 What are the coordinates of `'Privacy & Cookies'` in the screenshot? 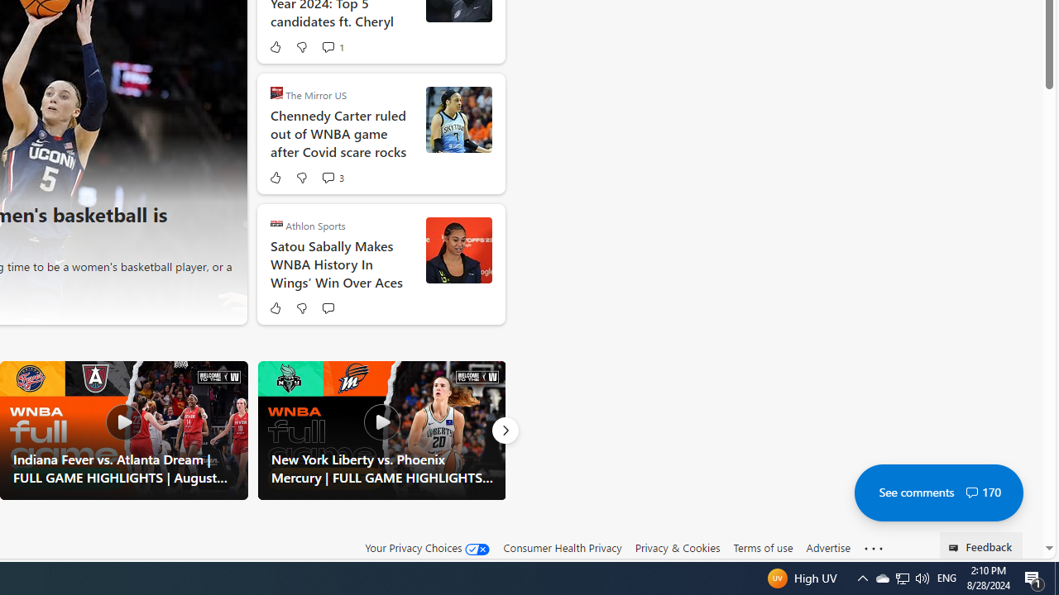 It's located at (677, 548).